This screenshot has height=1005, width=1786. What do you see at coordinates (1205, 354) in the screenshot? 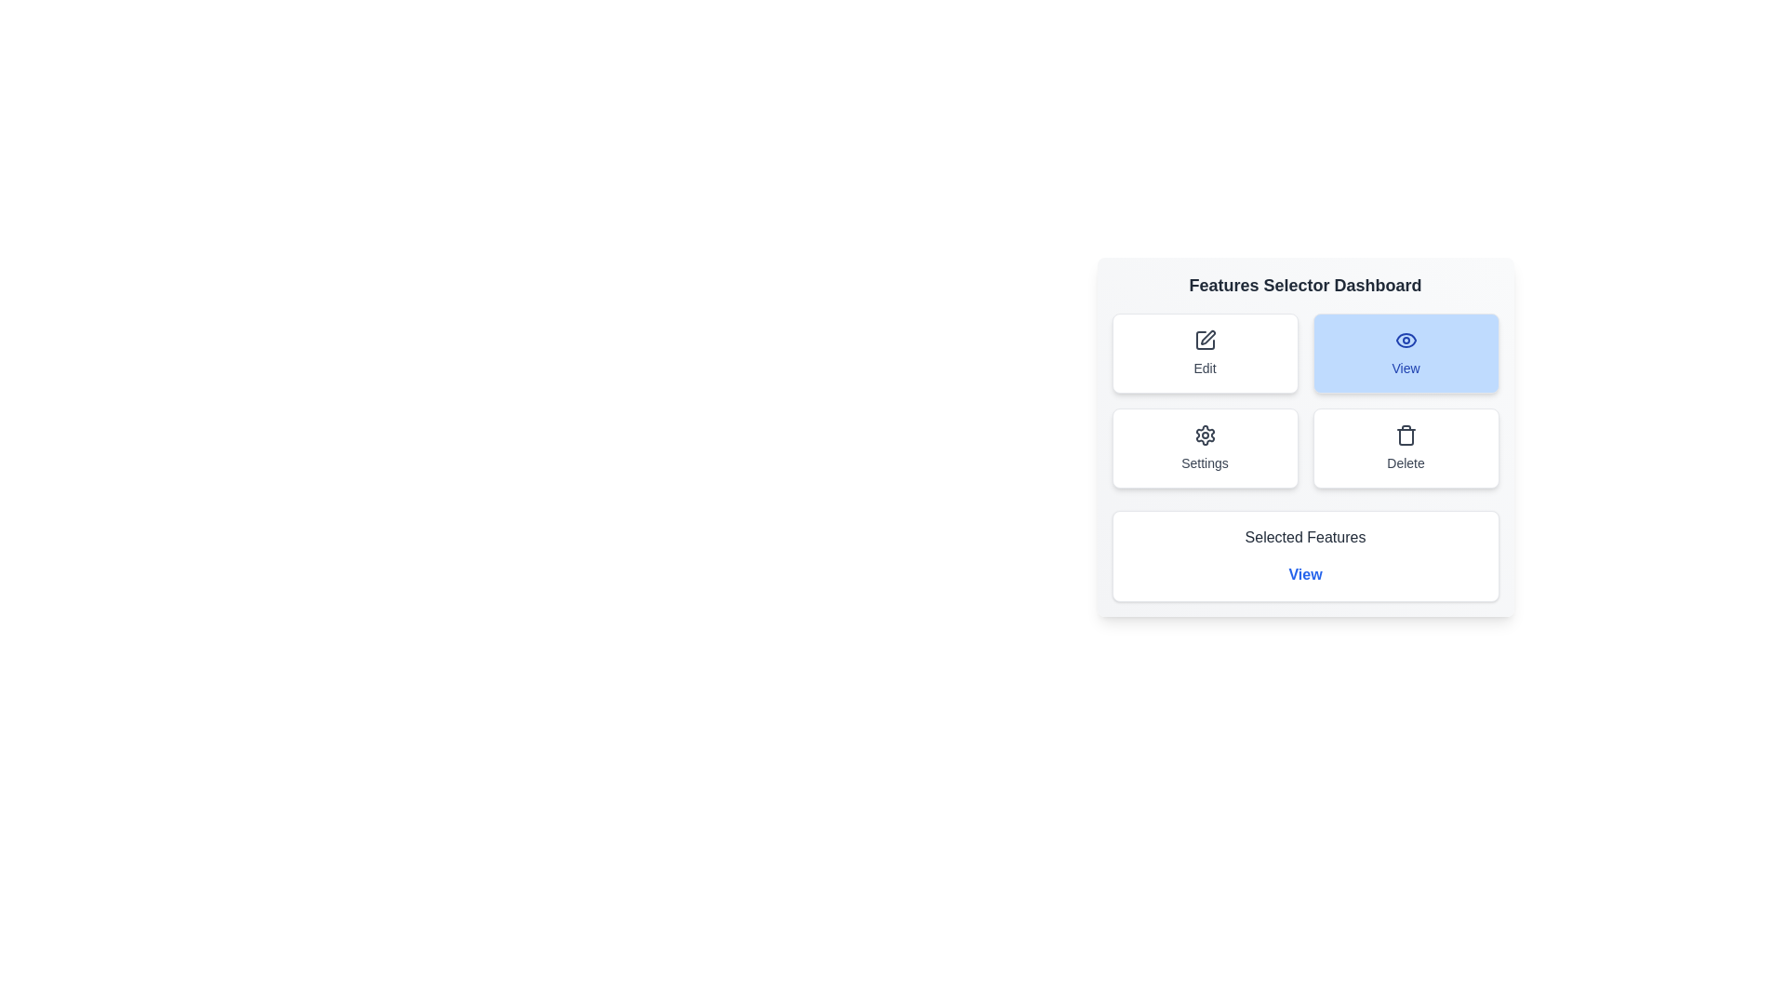
I see `the feature button edit` at bounding box center [1205, 354].